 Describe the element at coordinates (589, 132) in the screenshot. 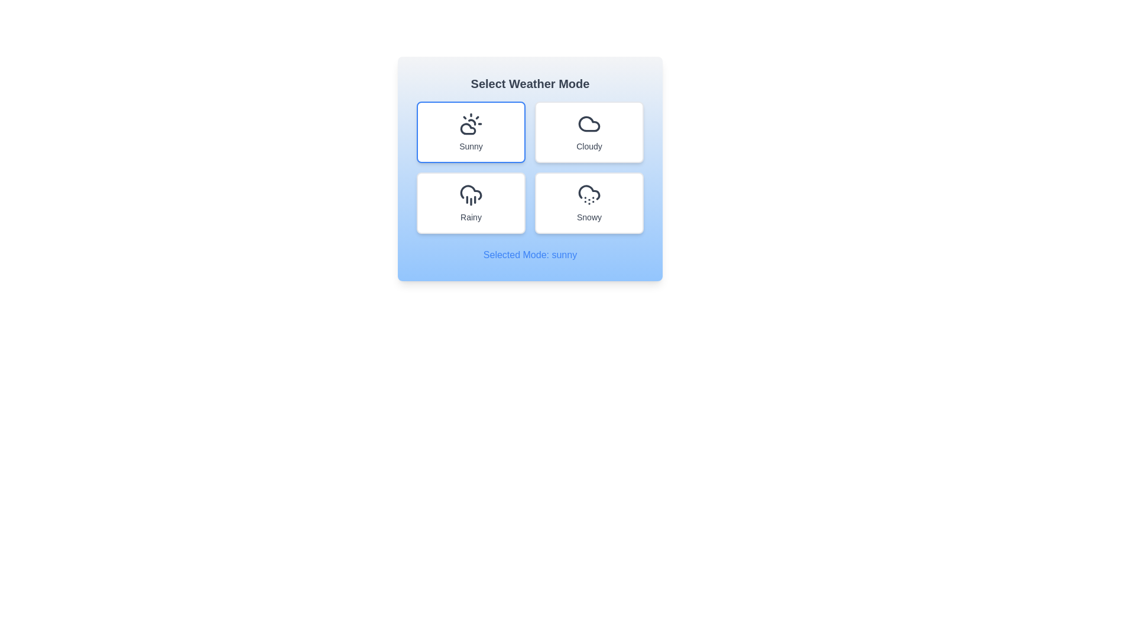

I see `the weather mode button labeled Cloudy` at that location.